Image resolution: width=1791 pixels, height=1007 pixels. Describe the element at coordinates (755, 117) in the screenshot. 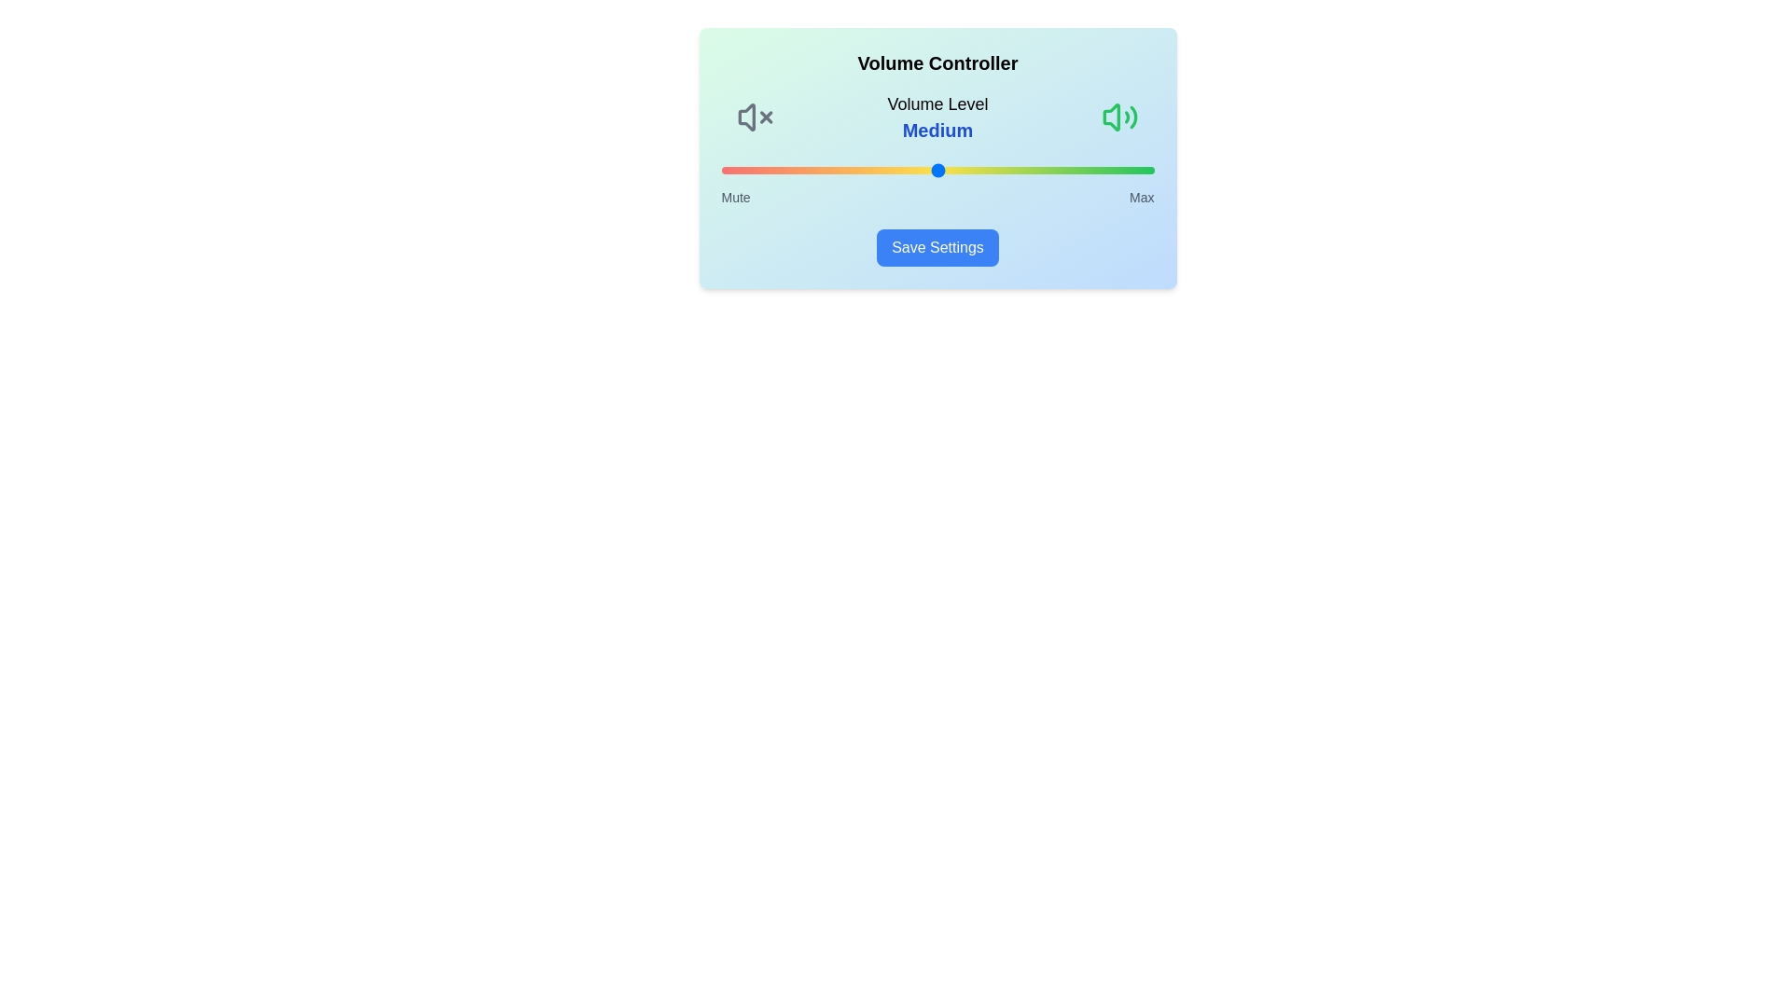

I see `the mute icon to toggle its functionality` at that location.